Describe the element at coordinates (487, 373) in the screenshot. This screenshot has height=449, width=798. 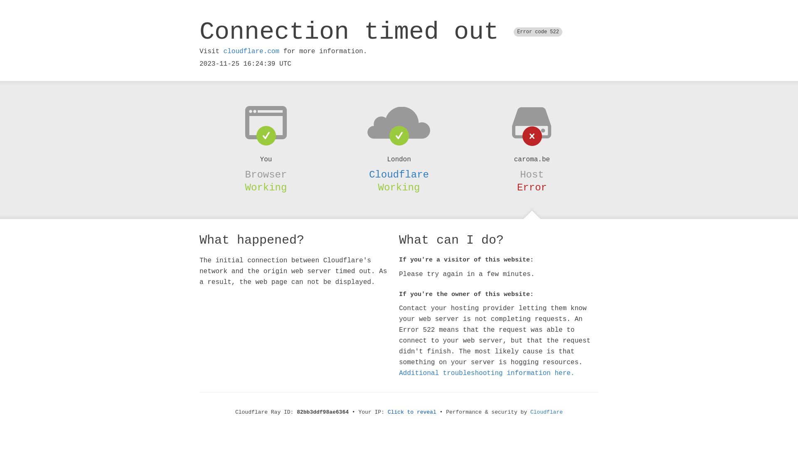
I see `'Additional troubleshooting information here.'` at that location.